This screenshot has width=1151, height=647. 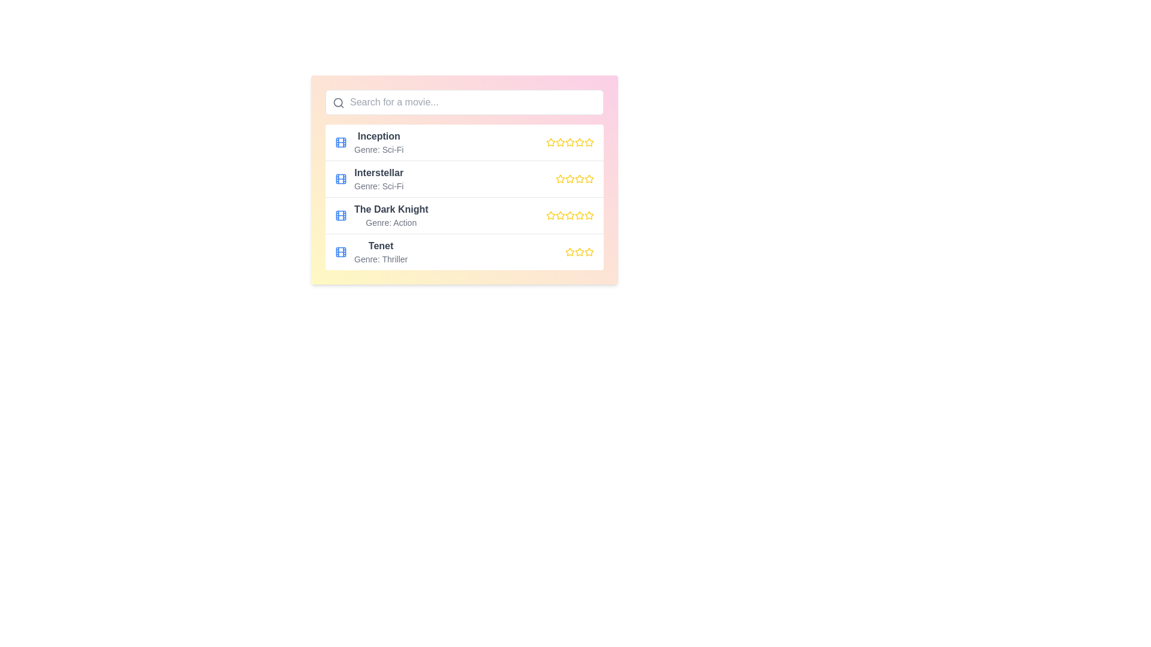 What do you see at coordinates (391, 214) in the screenshot?
I see `to select the movie entry 'The Dark Knight' displayed in bold at the third position of the vertical list of movie entries` at bounding box center [391, 214].